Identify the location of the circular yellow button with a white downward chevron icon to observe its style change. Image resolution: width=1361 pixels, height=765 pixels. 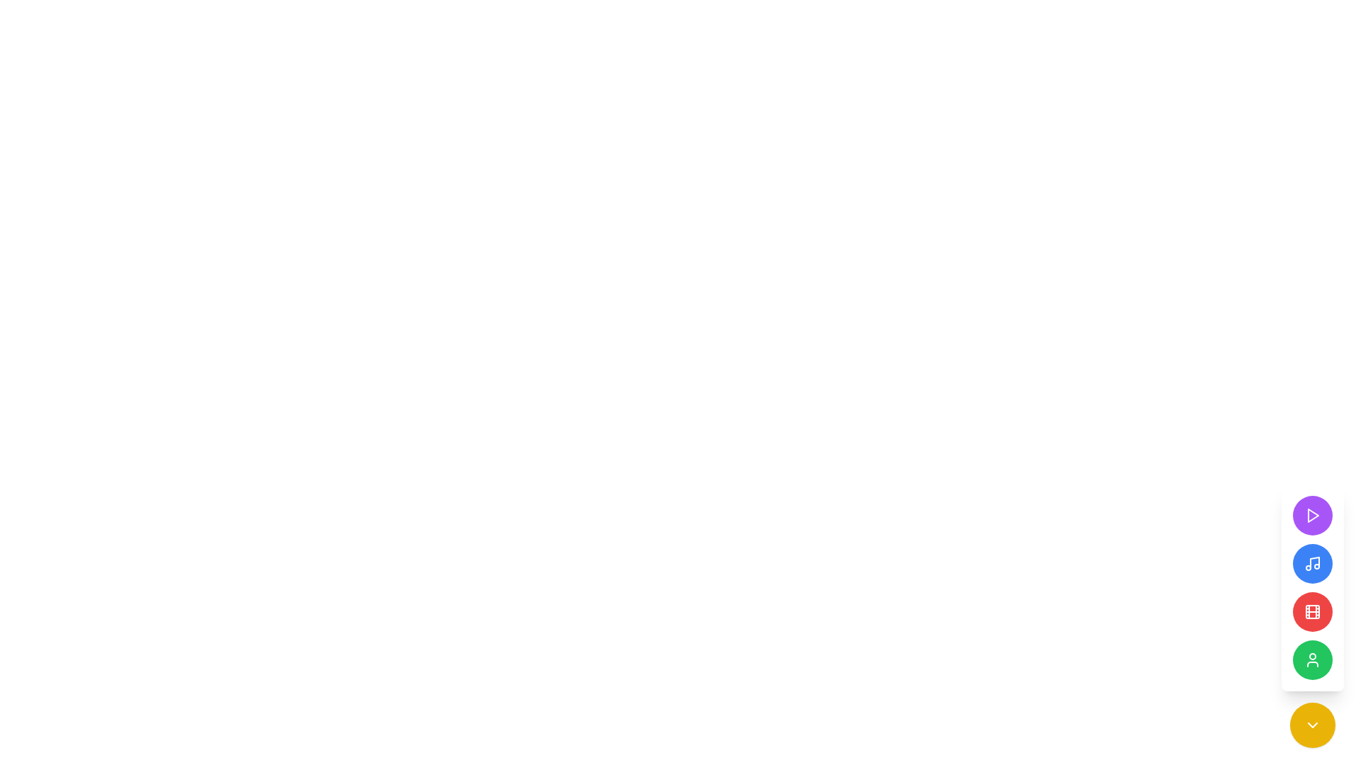
(1312, 725).